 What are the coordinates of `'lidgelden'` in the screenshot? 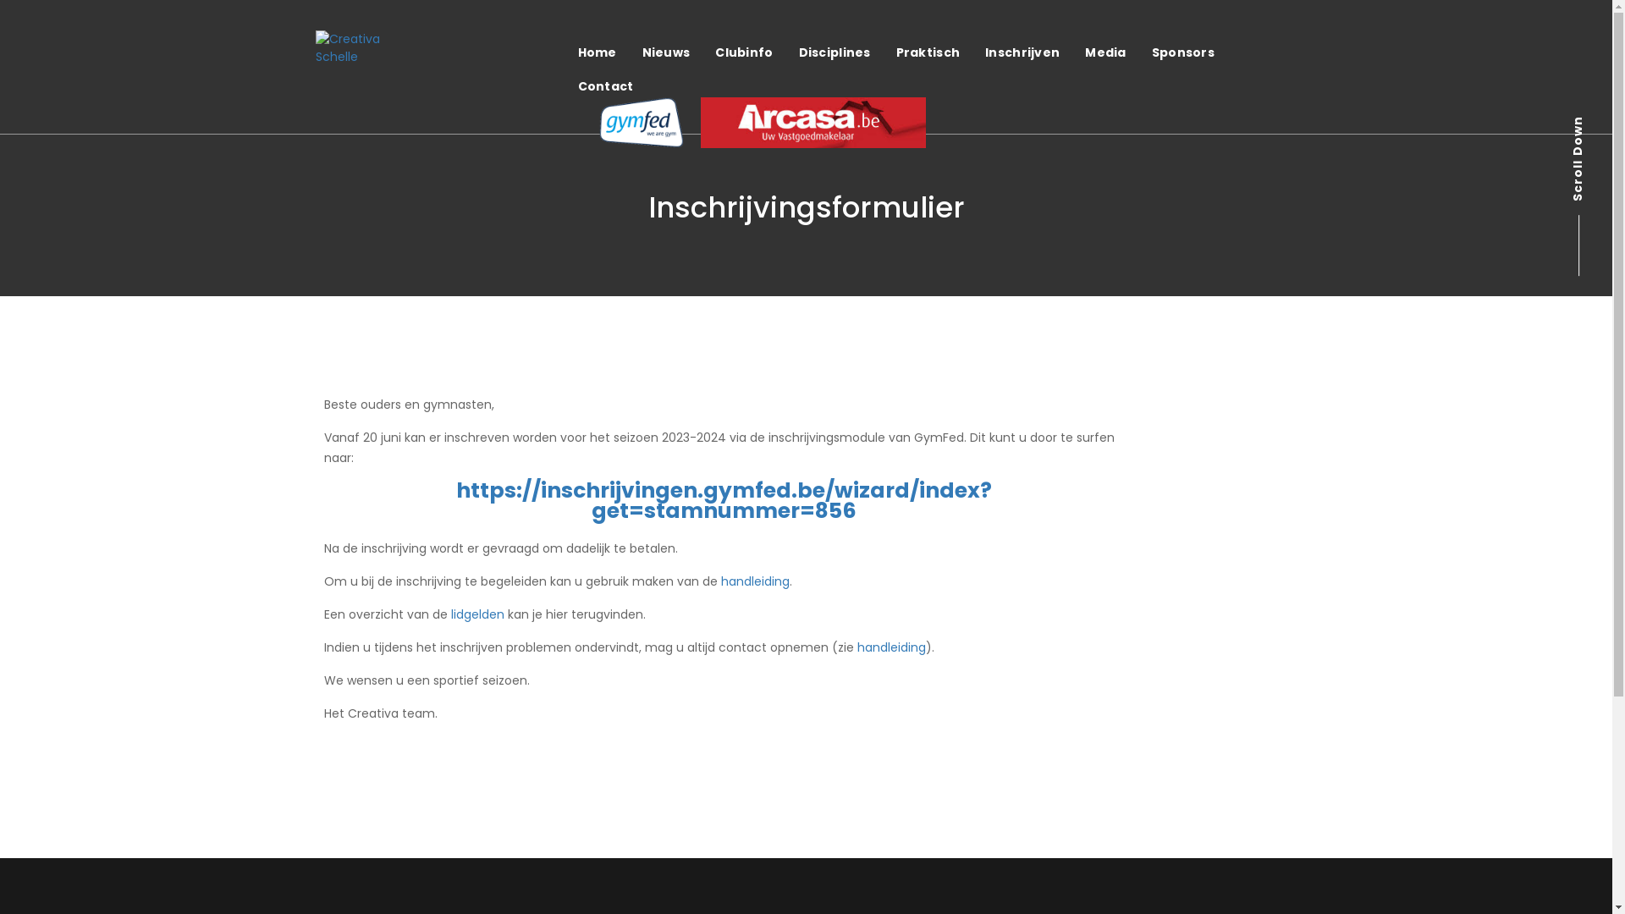 It's located at (476, 614).